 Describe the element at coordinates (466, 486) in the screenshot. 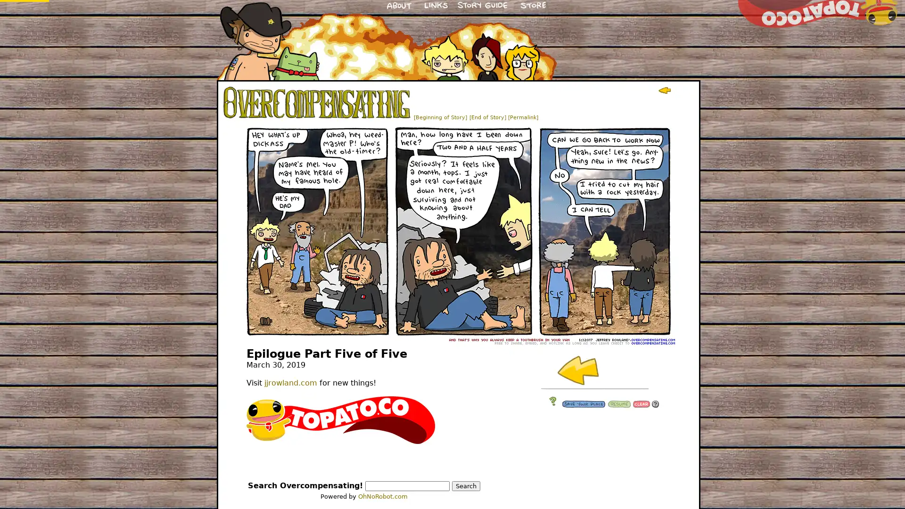

I see `Search` at that location.